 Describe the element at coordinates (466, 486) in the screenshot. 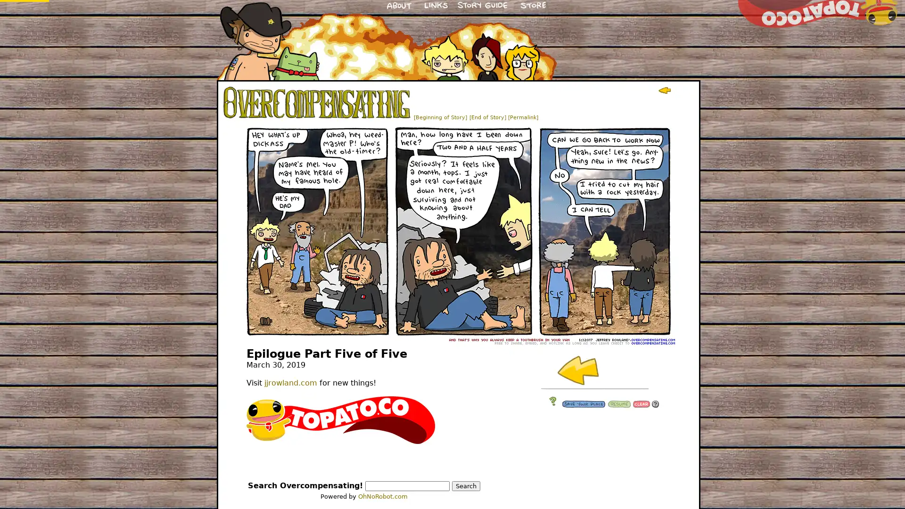

I see `Search` at that location.